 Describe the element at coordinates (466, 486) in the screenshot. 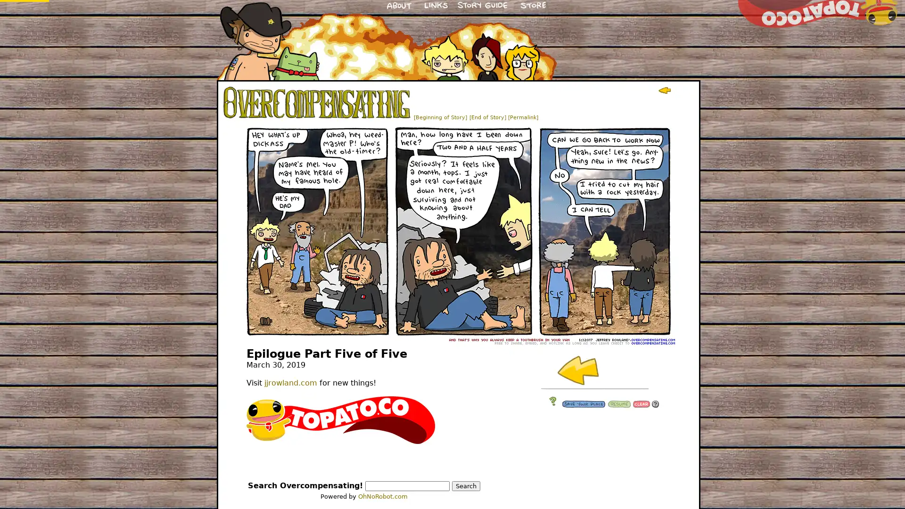

I see `Search` at that location.